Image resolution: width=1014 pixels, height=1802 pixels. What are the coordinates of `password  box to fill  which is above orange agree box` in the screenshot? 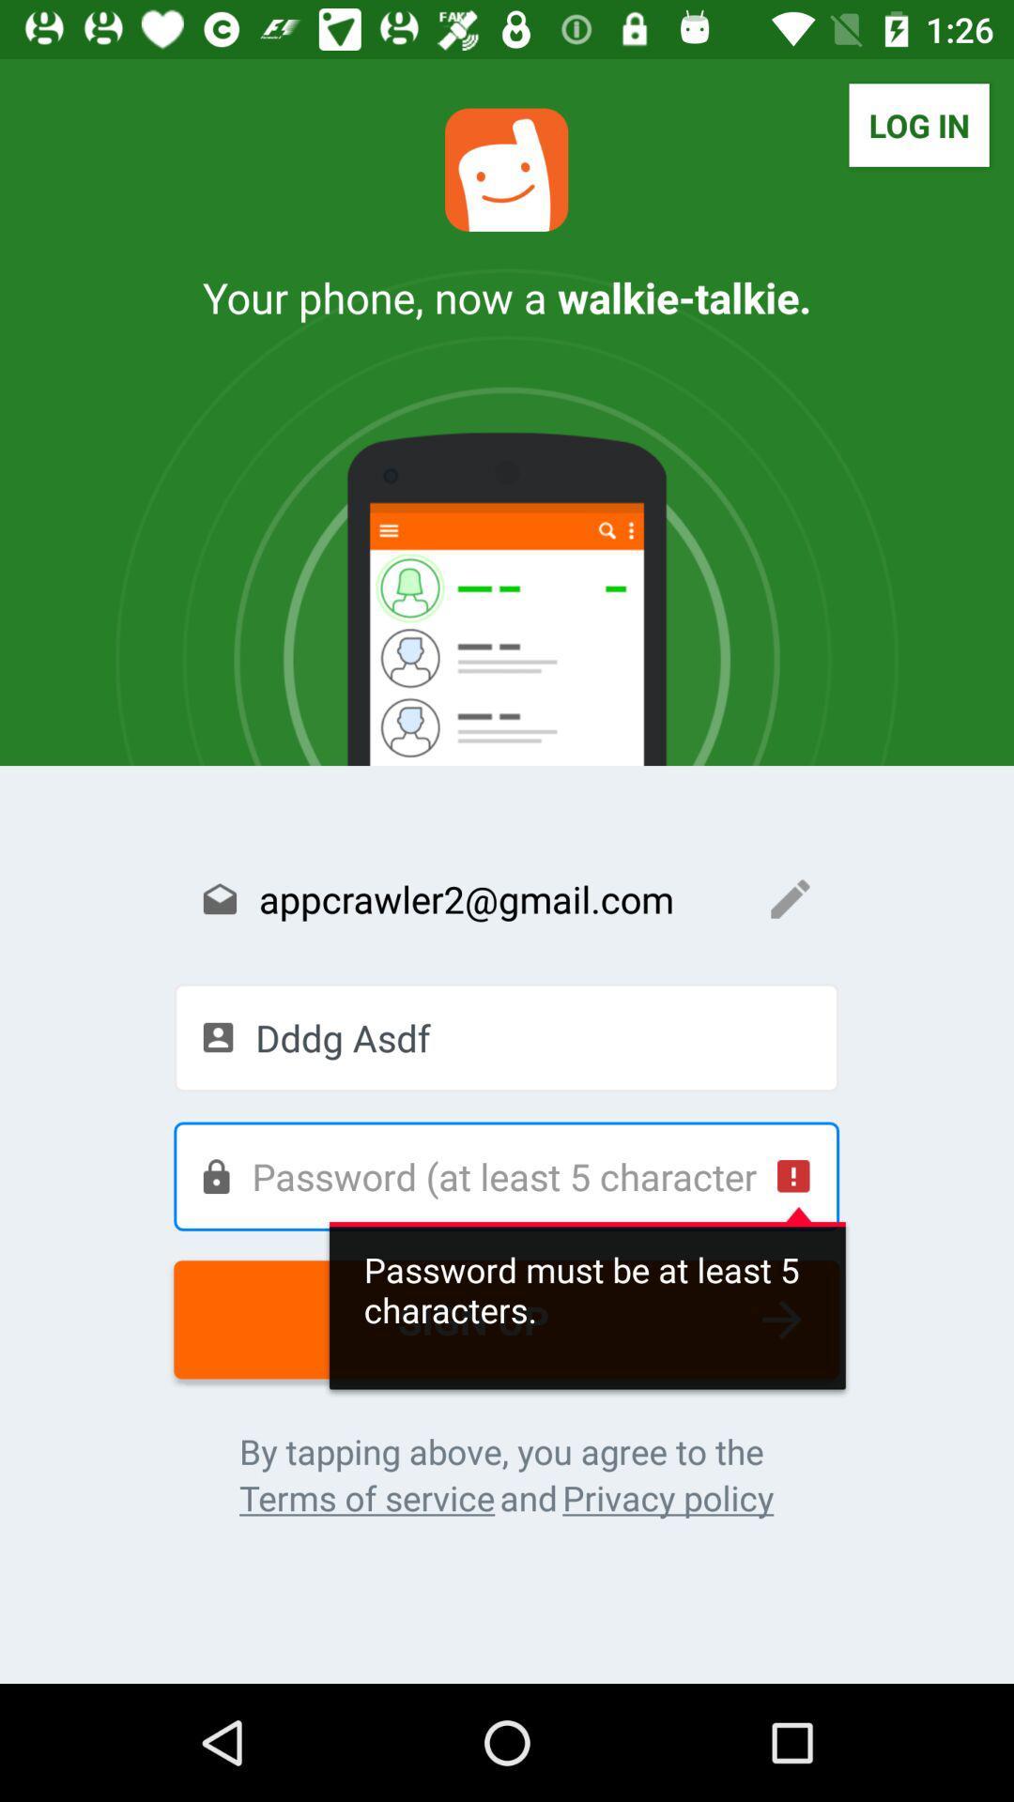 It's located at (505, 1175).